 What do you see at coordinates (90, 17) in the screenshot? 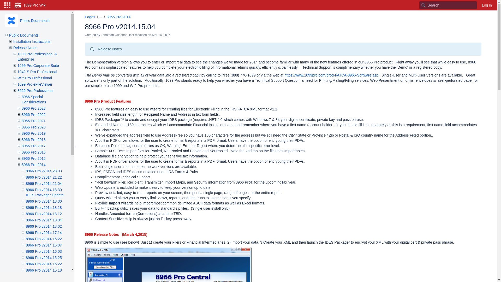
I see `'Pages'` at bounding box center [90, 17].